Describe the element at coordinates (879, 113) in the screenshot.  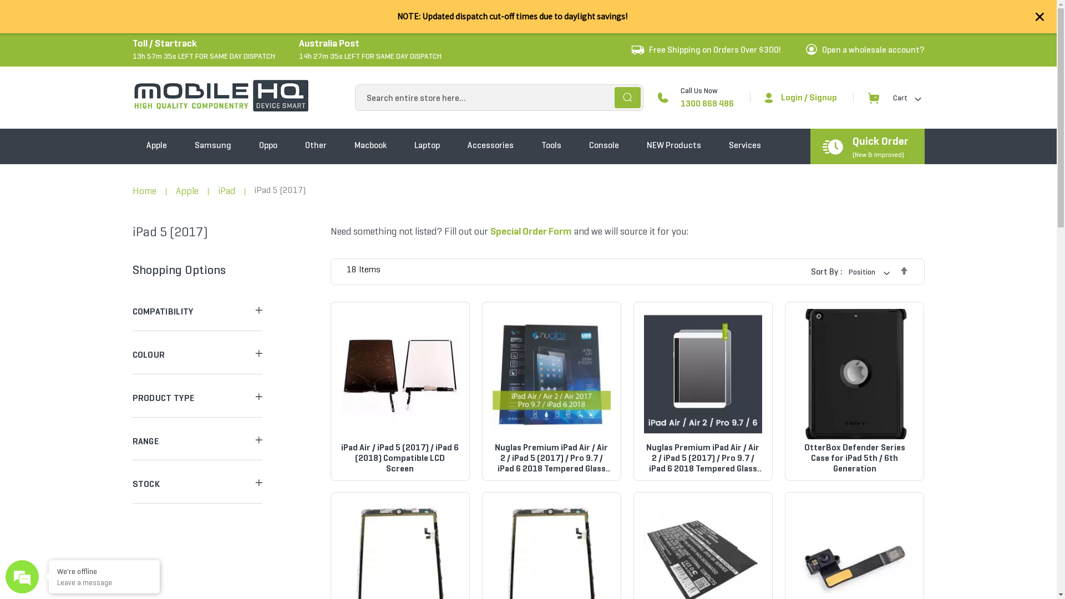
I see `'Quick Order` at that location.